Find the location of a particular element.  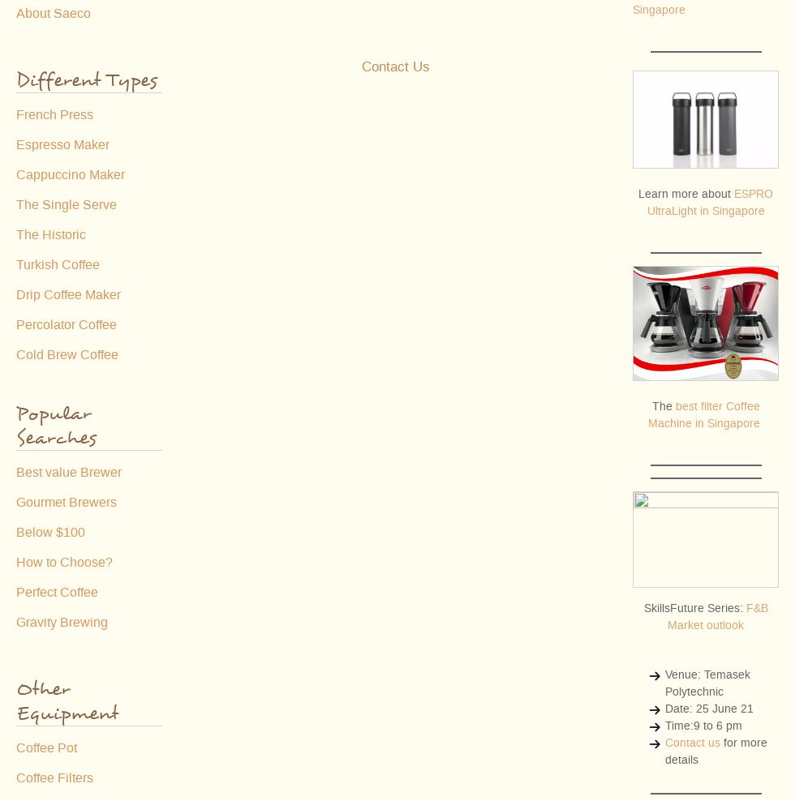

'Date: 25 June 21' is located at coordinates (709, 708).